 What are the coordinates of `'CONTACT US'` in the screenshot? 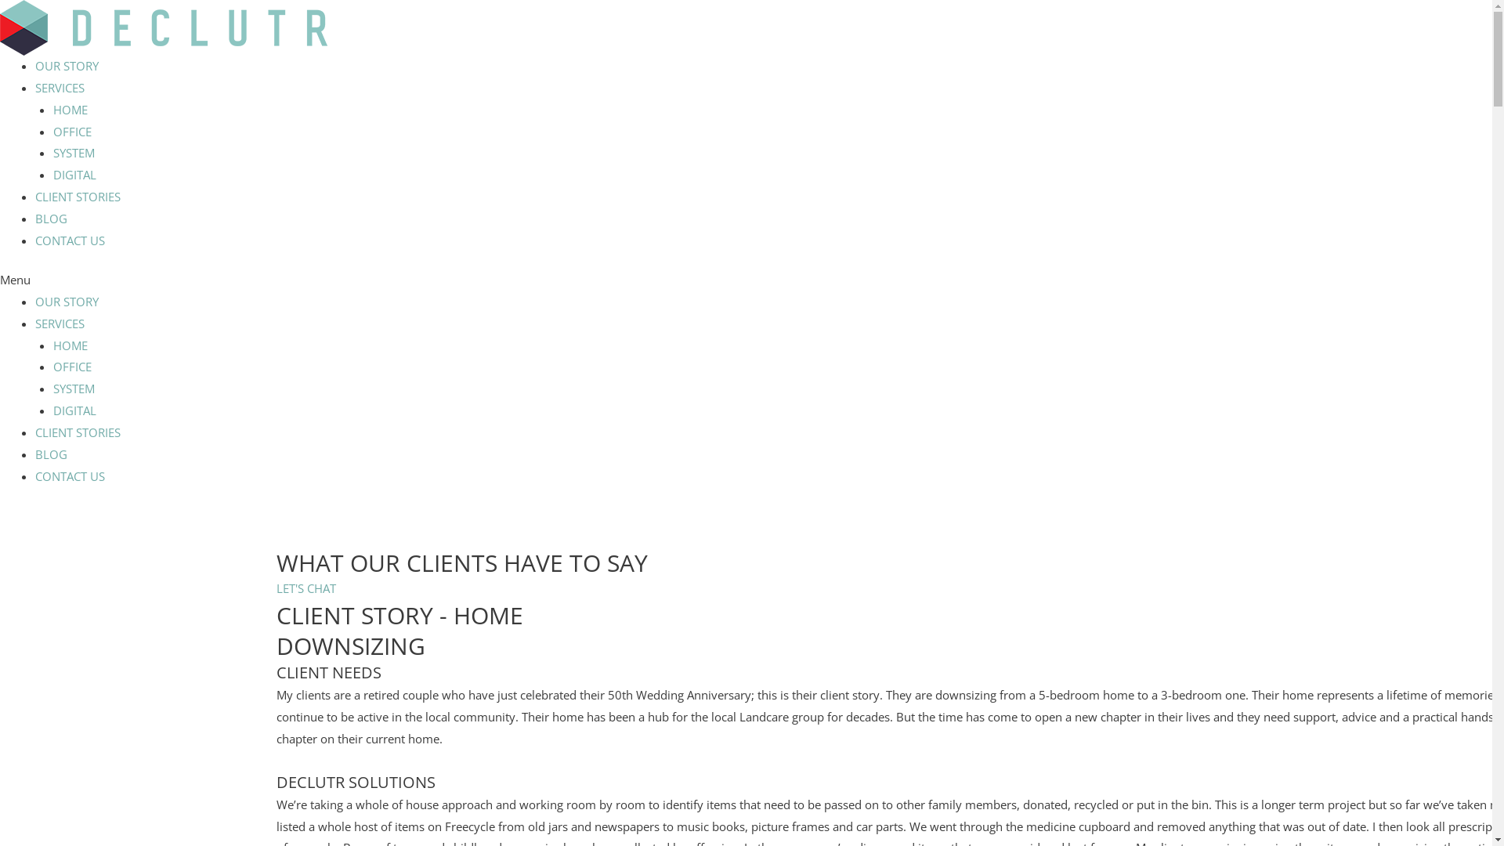 It's located at (69, 240).